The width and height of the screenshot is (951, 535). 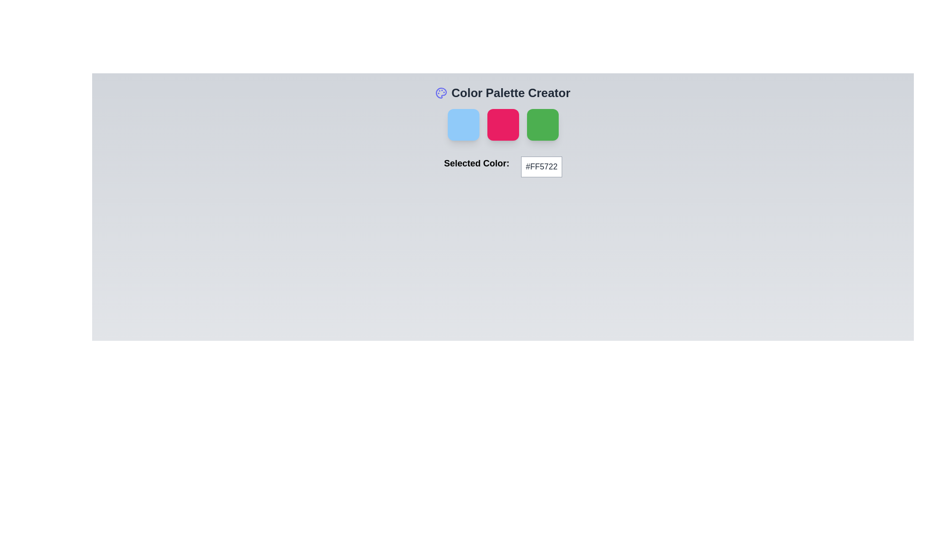 What do you see at coordinates (542, 124) in the screenshot?
I see `the green square button with rounded corners, the third in a horizontal sequence of three buttons` at bounding box center [542, 124].